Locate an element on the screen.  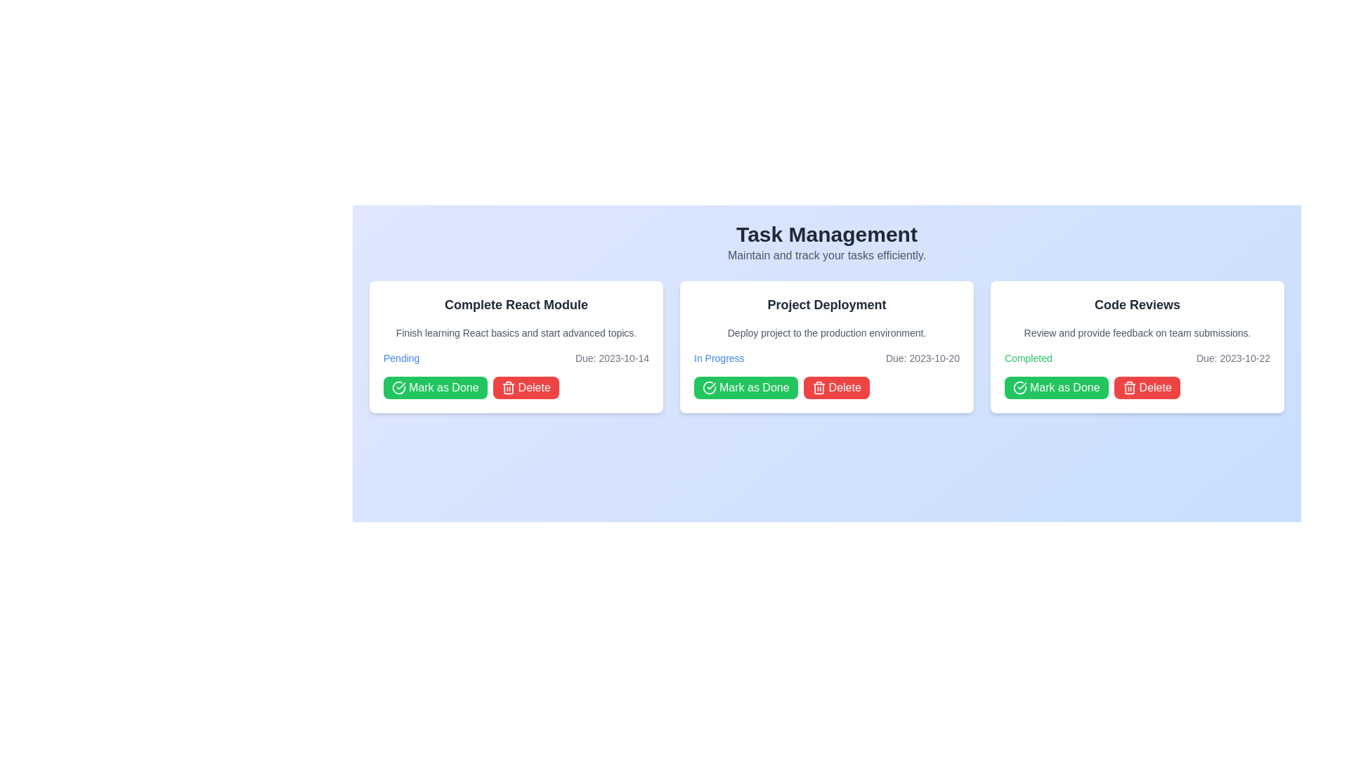
the 'Delete' text displayed in white font over a red background within the button is located at coordinates (533, 387).